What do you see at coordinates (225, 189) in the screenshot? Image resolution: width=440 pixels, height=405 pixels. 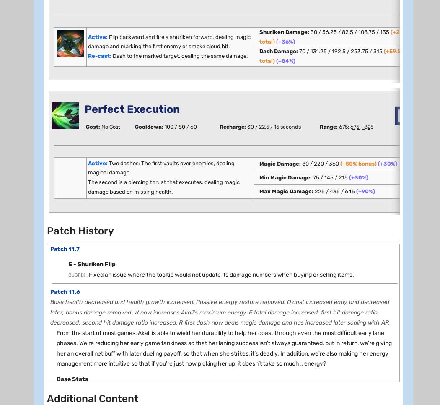 I see `'We're exploring deeper changes to Akali to address the frustration she causes for opponents independent of whether she's strong or weak. In the meantime, we're reducing Twilight Shroud's duration to be more appropriate for the zoning power it offers when used aggressively.'` at bounding box center [225, 189].